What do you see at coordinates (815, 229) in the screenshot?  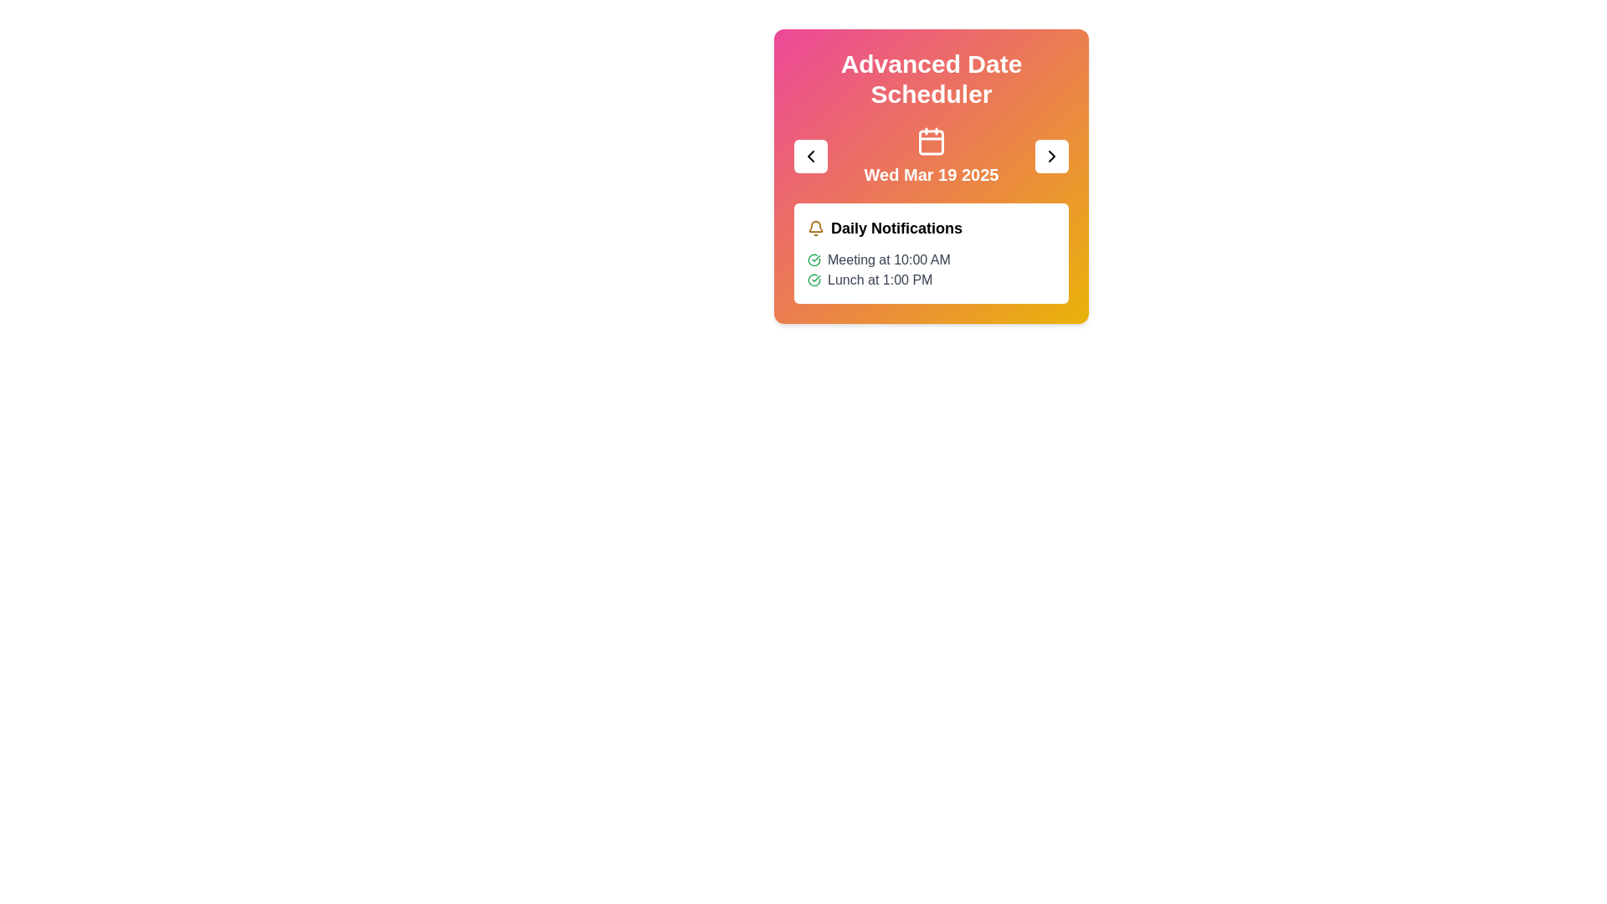 I see `the yellow bell-shaped notification icon located to the left of the 'Daily Notifications' label in the header section of the card` at bounding box center [815, 229].